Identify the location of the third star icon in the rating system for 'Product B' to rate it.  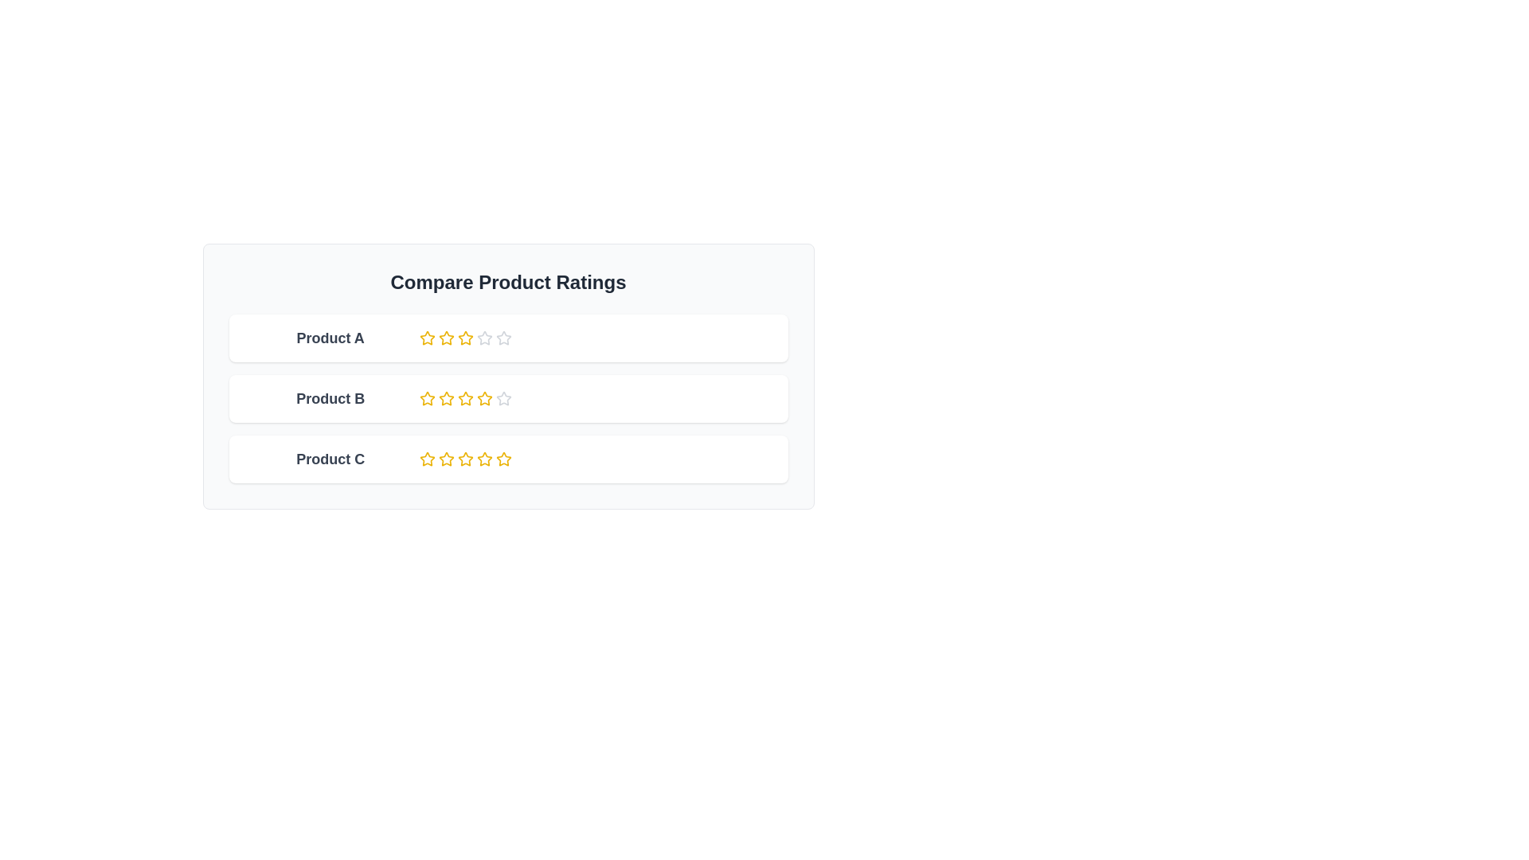
(446, 397).